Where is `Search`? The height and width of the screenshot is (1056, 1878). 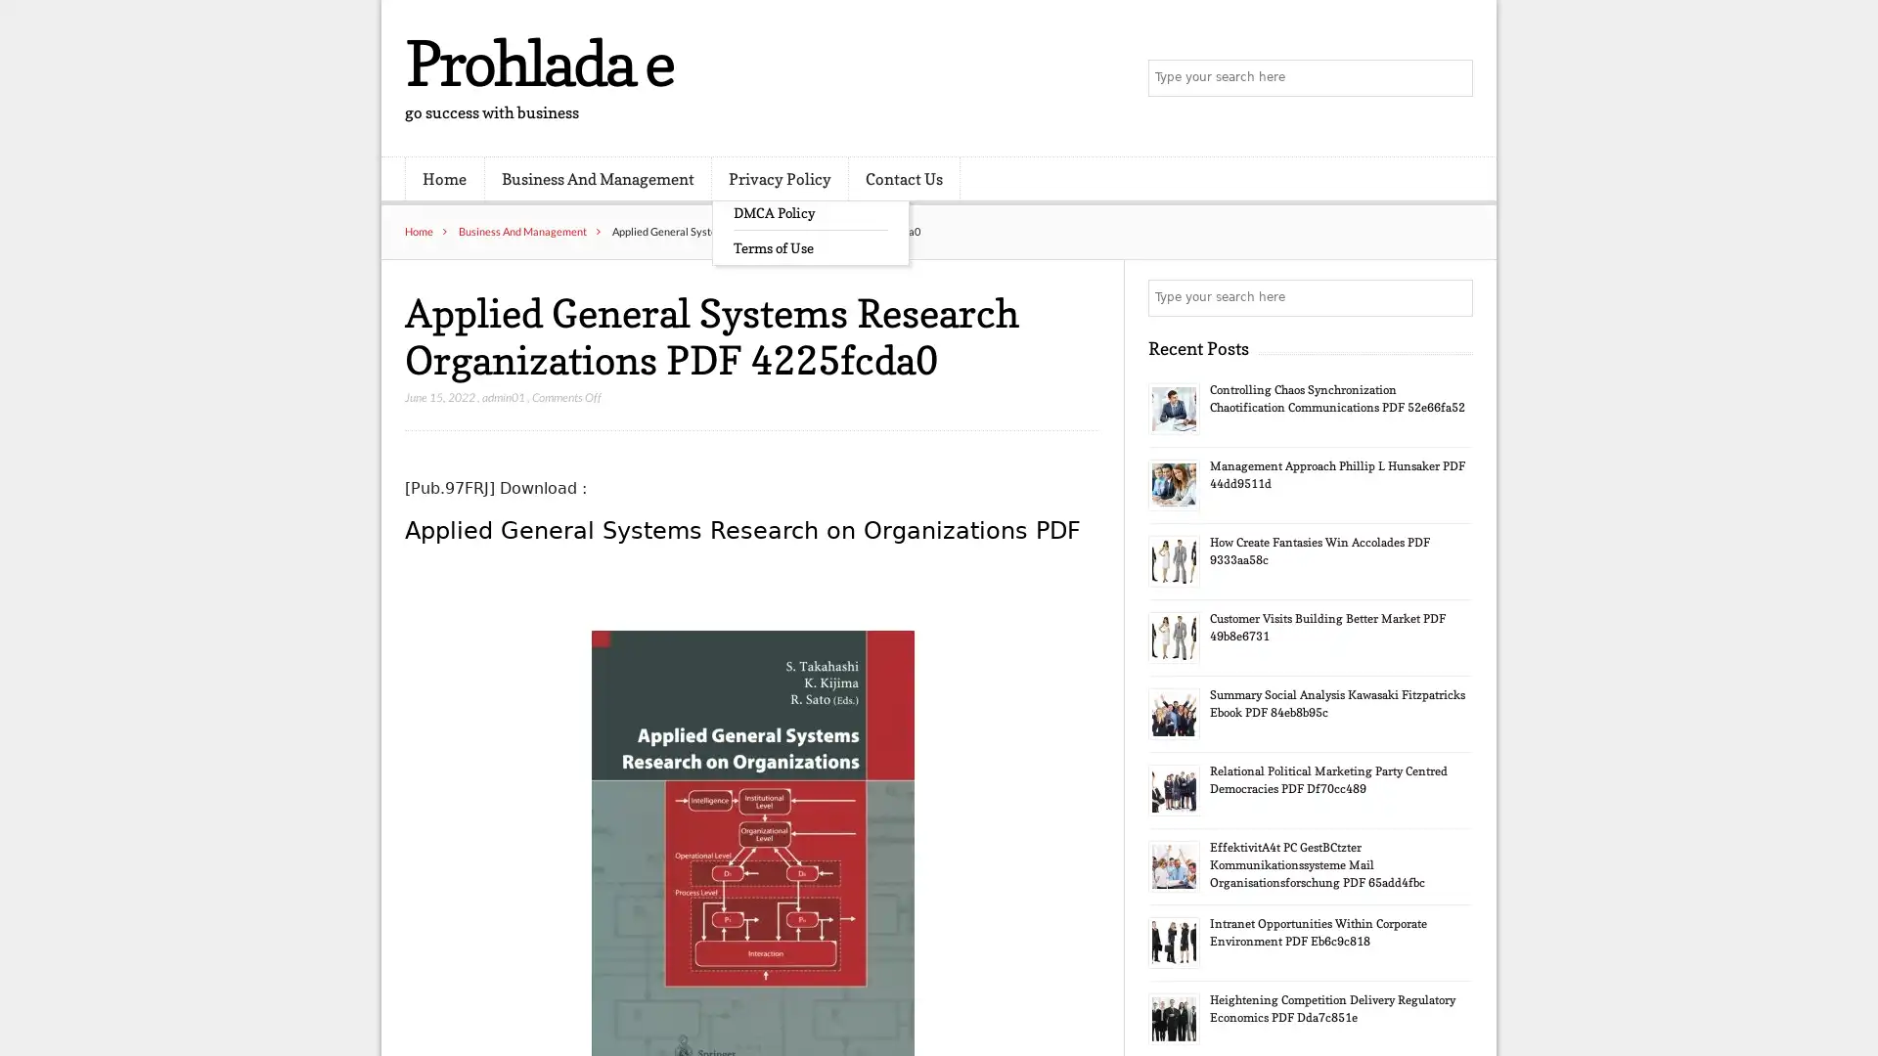 Search is located at coordinates (1453, 78).